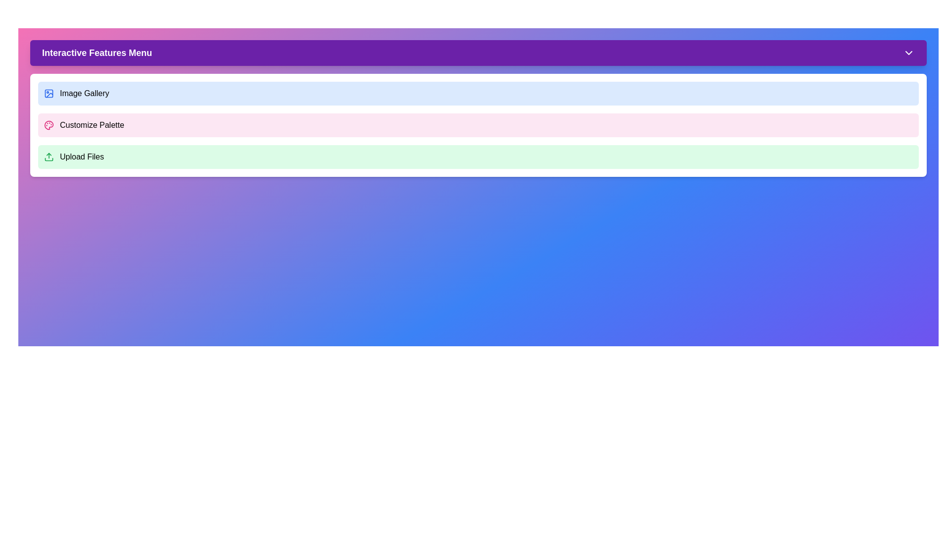 This screenshot has width=951, height=535. I want to click on the icon associated with Customize Palette, so click(49, 125).